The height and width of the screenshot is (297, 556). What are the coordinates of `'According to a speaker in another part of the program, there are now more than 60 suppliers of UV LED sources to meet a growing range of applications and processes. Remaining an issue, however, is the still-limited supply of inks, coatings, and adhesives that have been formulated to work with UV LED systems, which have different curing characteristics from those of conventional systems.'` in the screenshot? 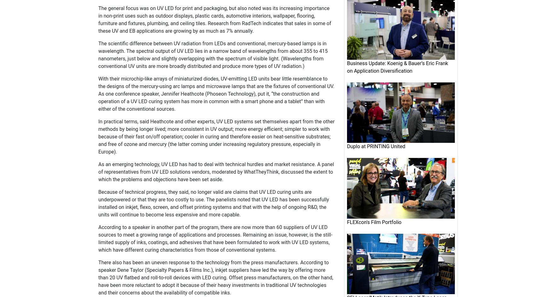 It's located at (215, 238).